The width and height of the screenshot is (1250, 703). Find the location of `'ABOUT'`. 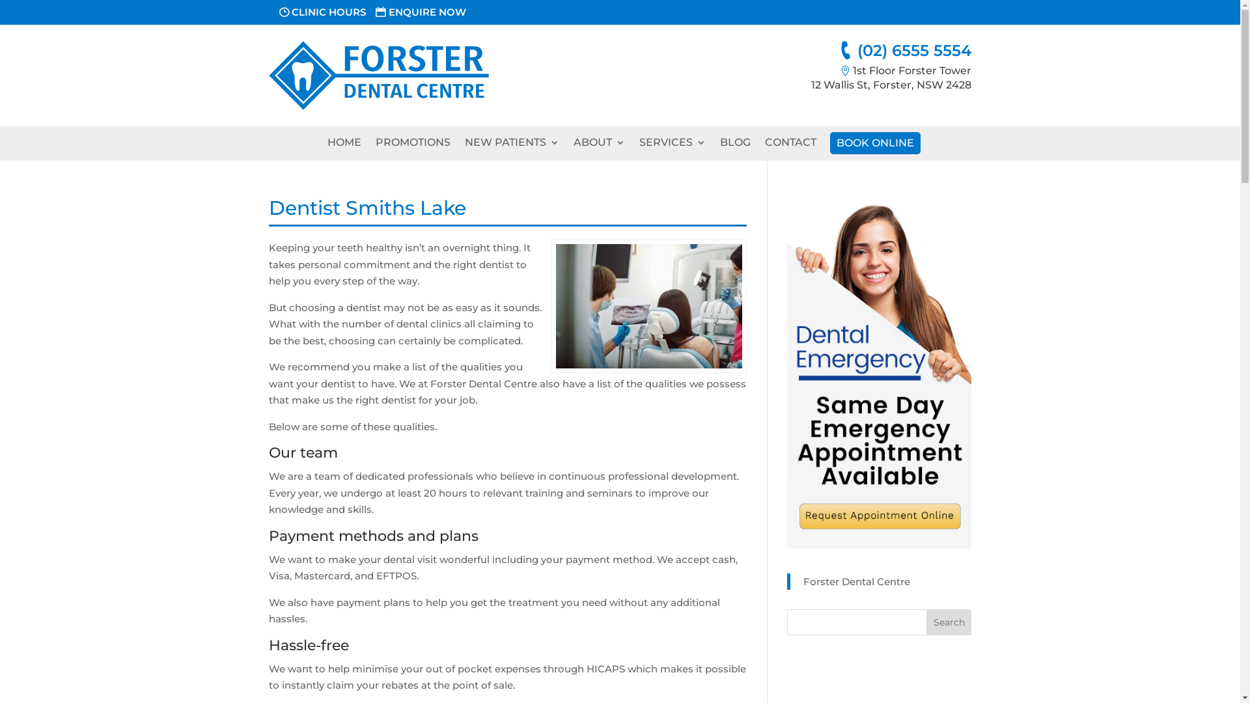

'ABOUT' is located at coordinates (598, 146).